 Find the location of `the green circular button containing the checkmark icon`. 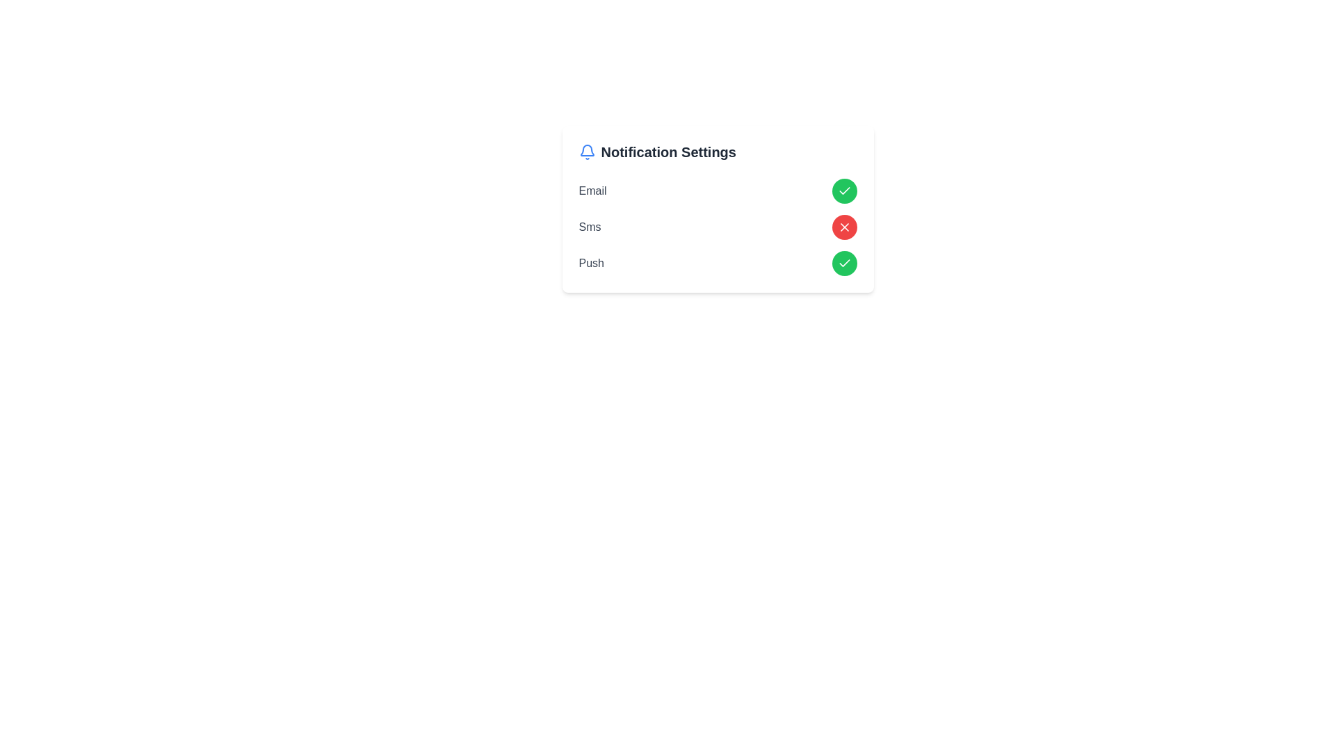

the green circular button containing the checkmark icon is located at coordinates (843, 191).